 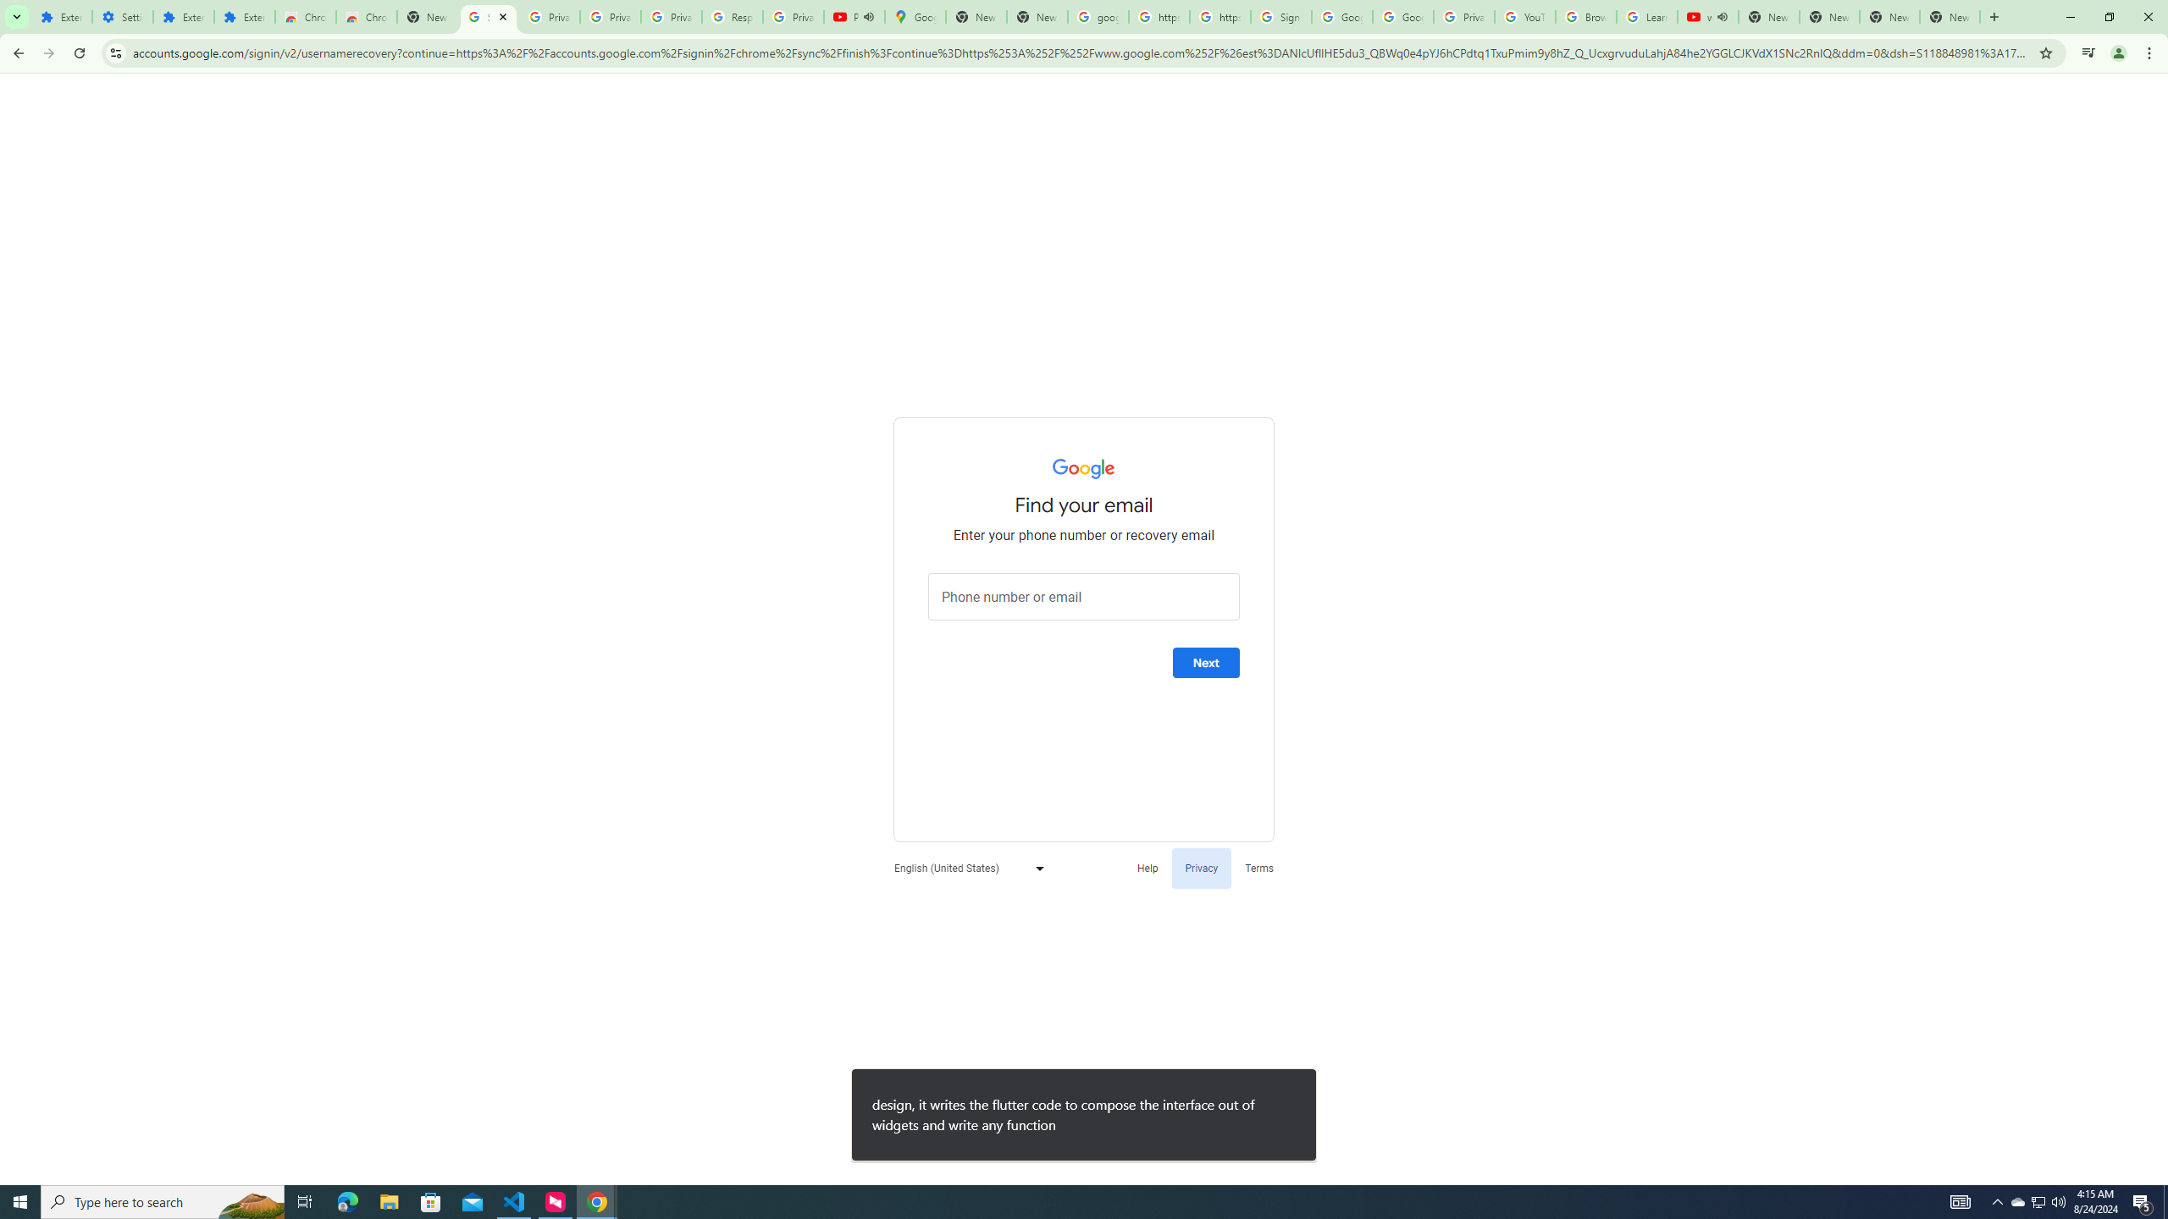 I want to click on 'Privacy', so click(x=1201, y=868).